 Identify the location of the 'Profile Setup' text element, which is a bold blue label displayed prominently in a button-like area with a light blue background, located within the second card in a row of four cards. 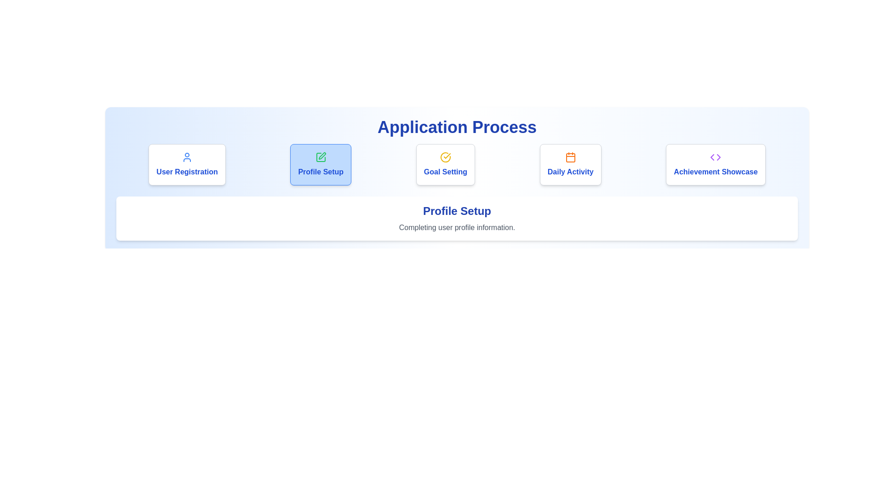
(321, 172).